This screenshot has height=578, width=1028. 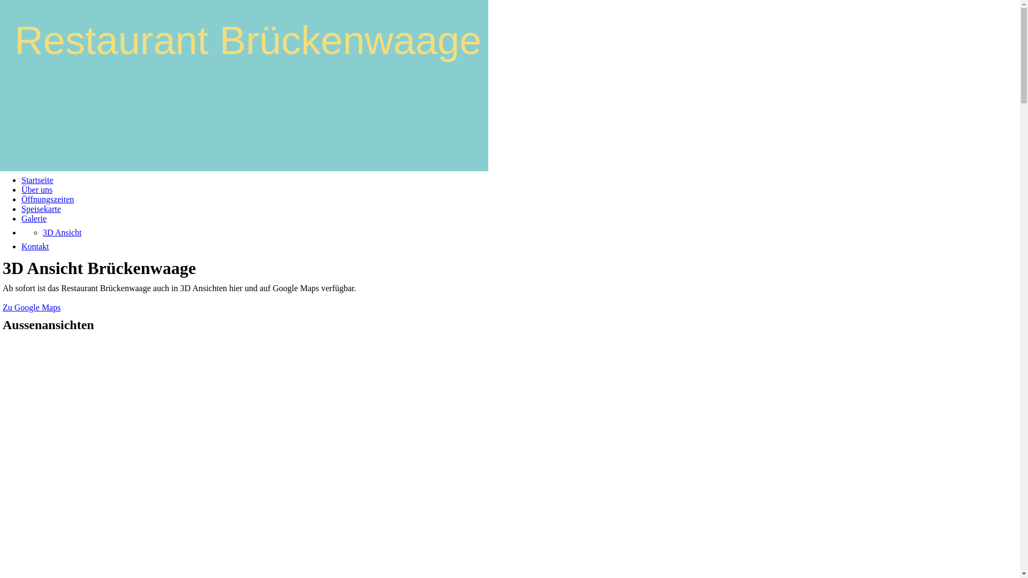 I want to click on 'Kontakt', so click(x=21, y=246).